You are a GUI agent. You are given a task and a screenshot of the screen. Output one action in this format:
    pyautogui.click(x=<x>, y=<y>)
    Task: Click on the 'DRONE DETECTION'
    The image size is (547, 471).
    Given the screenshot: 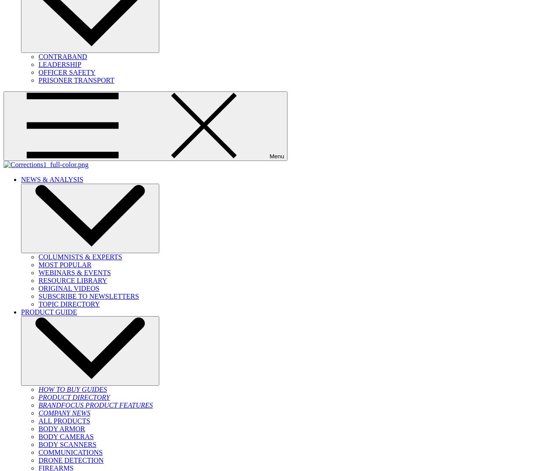 What is the action you would take?
    pyautogui.click(x=71, y=460)
    